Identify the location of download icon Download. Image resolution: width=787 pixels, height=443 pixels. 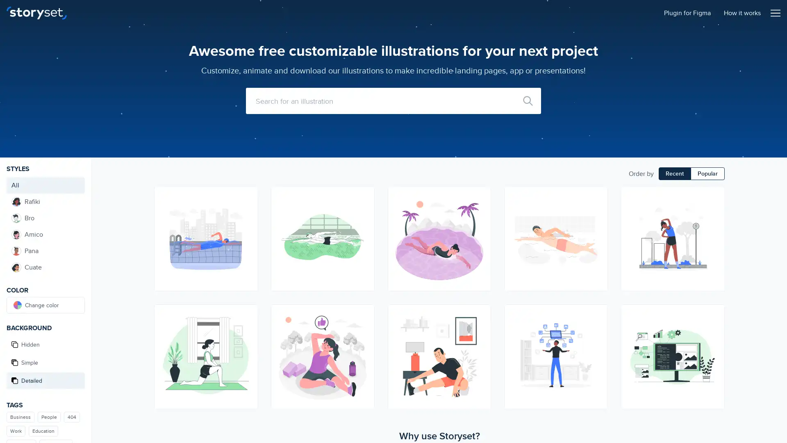
(364, 211).